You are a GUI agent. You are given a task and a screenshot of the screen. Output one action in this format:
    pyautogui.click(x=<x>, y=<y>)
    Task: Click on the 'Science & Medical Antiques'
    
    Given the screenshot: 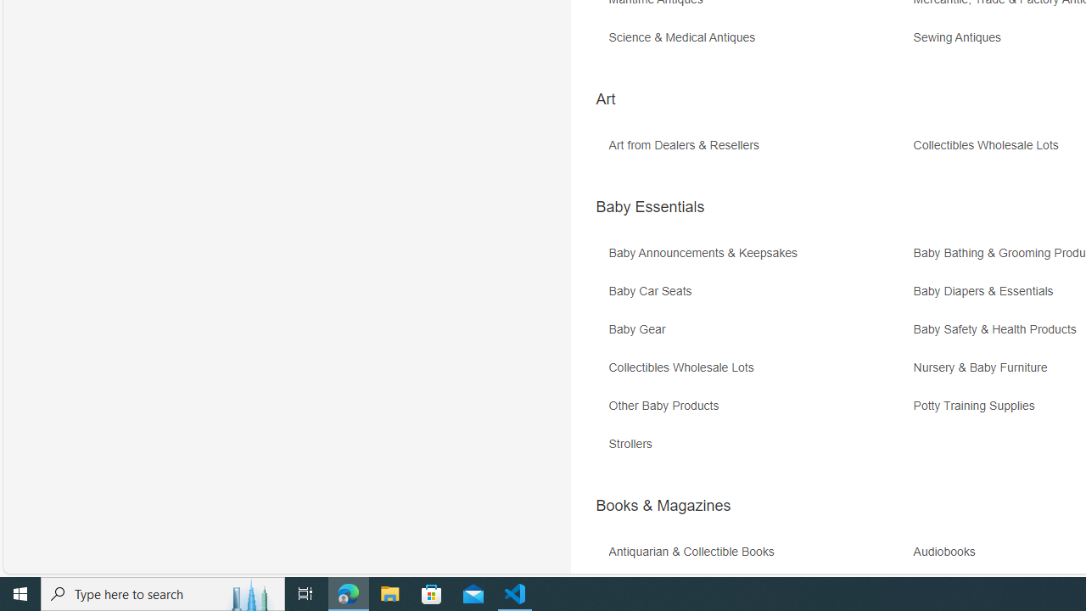 What is the action you would take?
    pyautogui.click(x=758, y=42)
    